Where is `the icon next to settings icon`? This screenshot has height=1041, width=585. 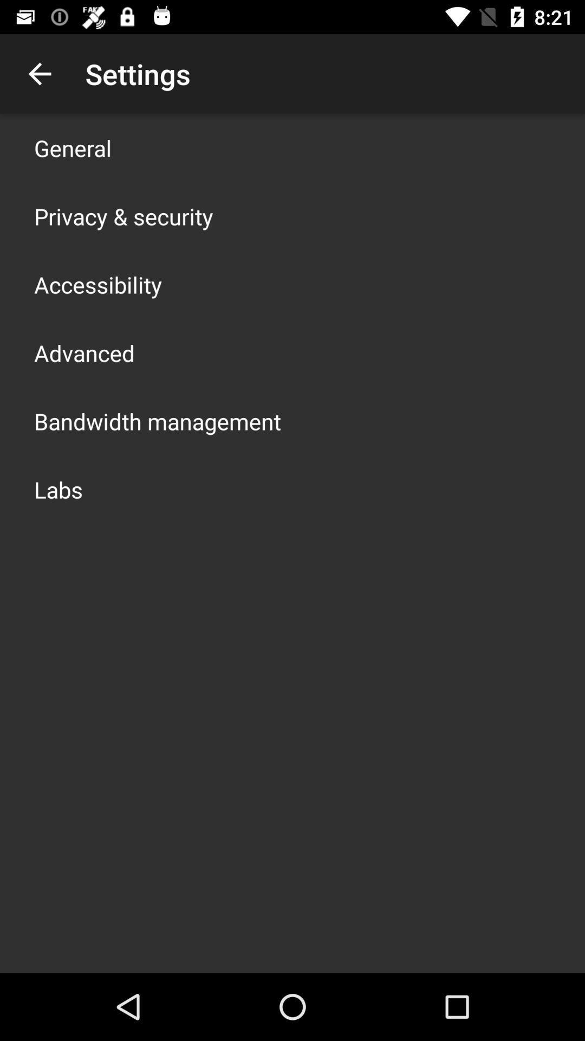 the icon next to settings icon is located at coordinates (39, 73).